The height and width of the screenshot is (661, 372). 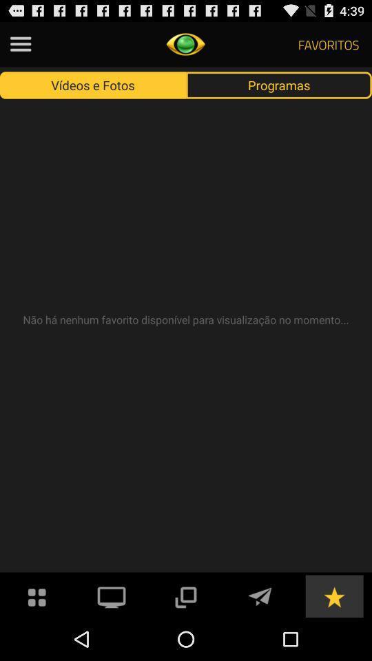 What do you see at coordinates (260, 595) in the screenshot?
I see `send message` at bounding box center [260, 595].